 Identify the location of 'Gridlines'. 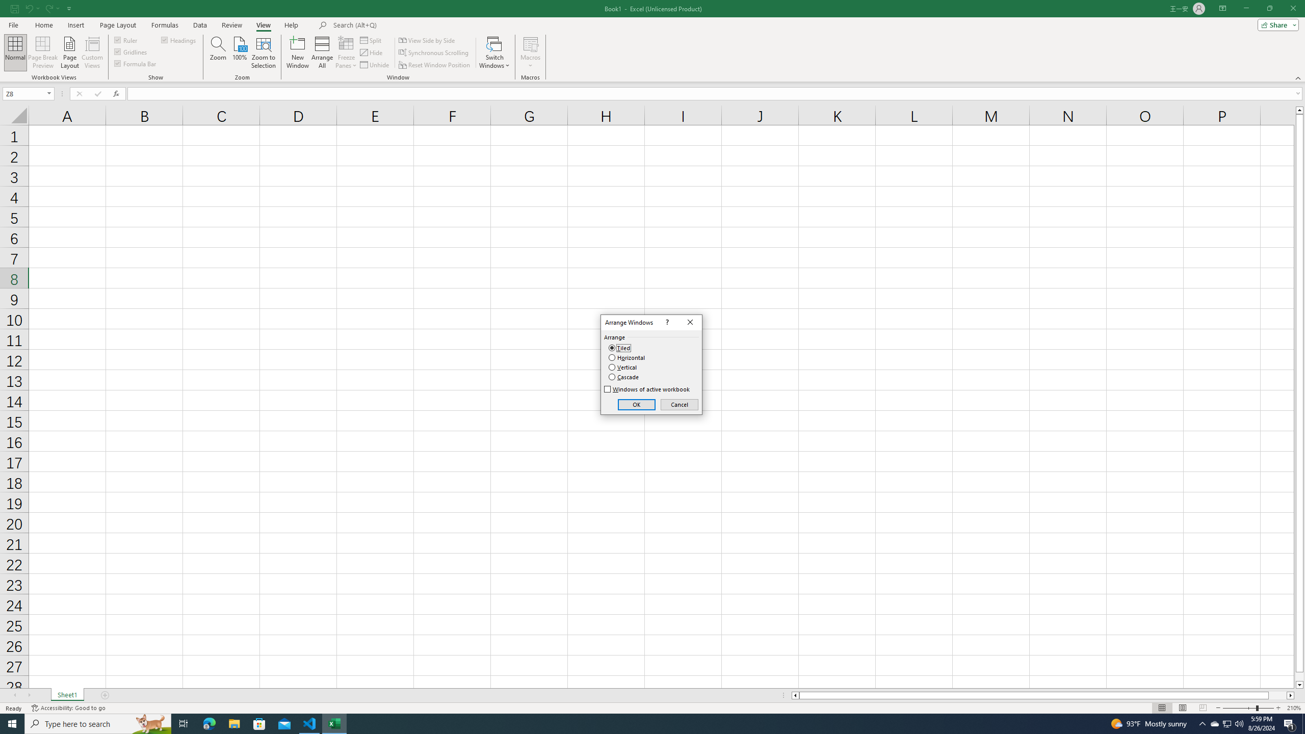
(130, 50).